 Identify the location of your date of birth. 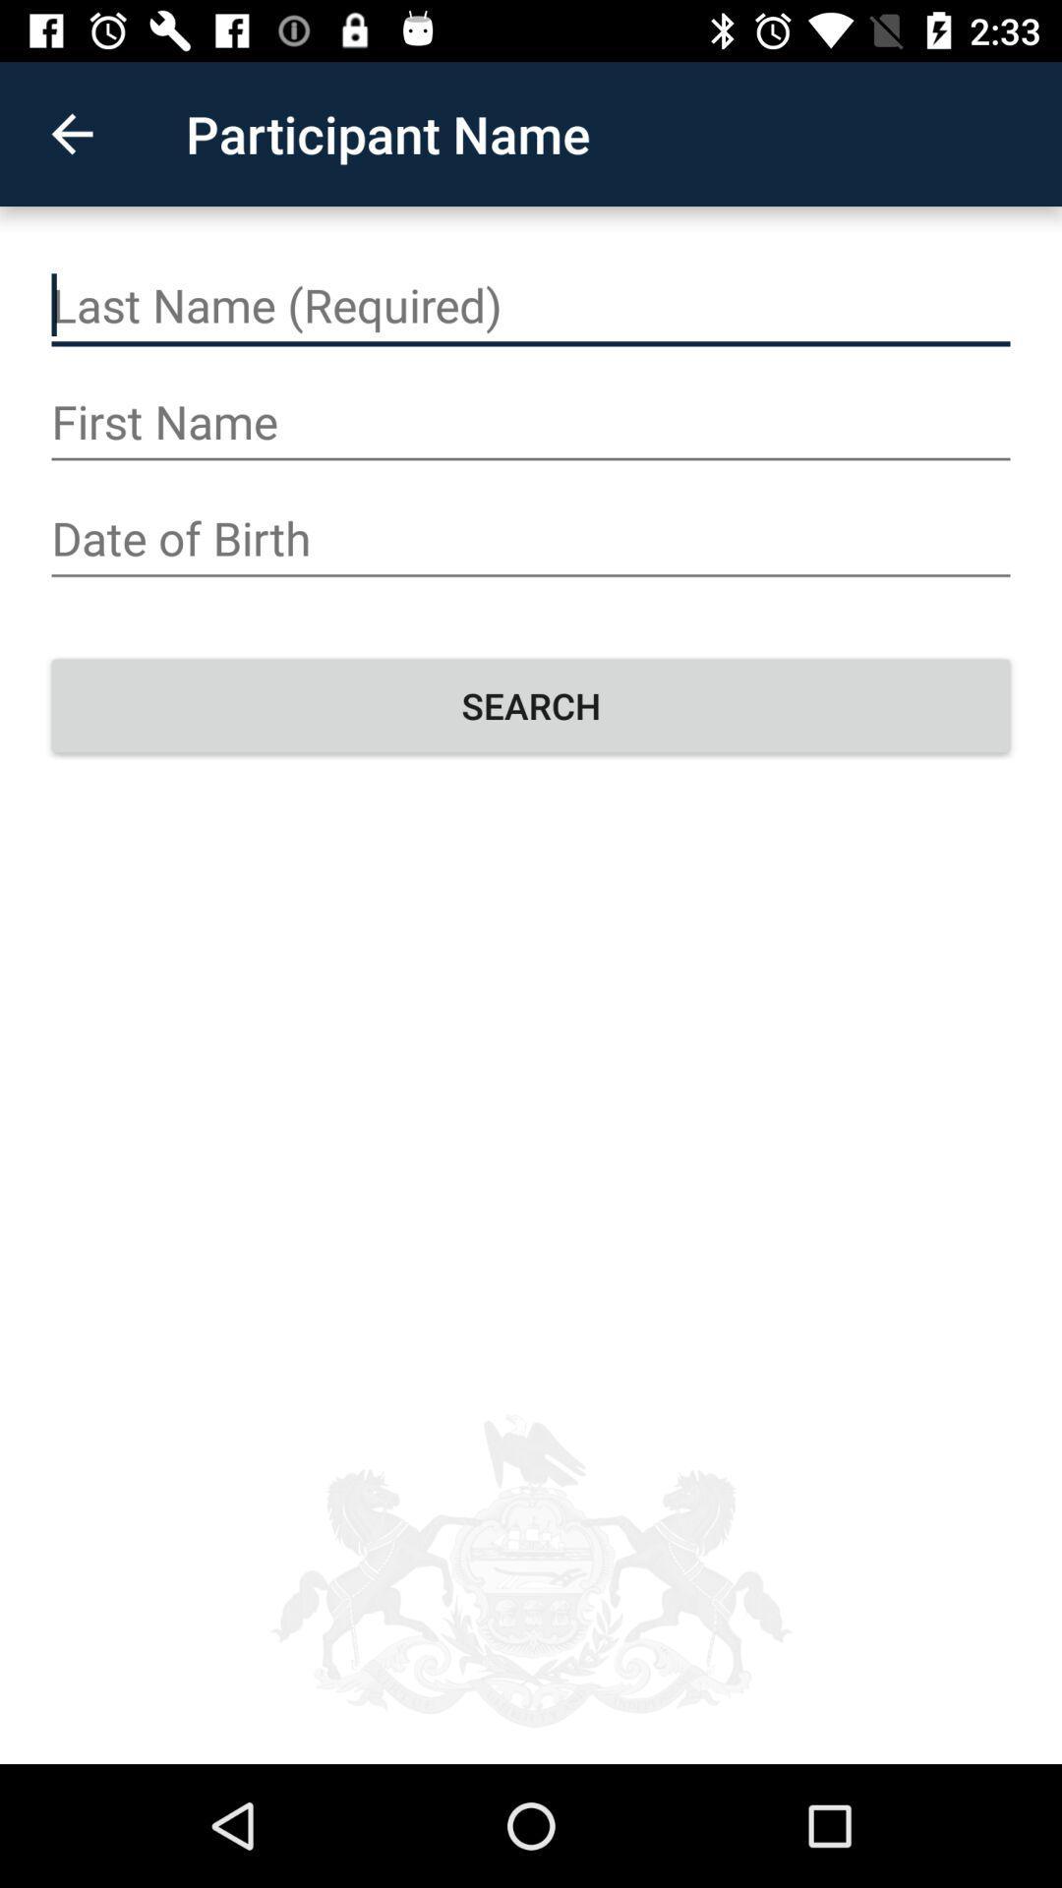
(531, 539).